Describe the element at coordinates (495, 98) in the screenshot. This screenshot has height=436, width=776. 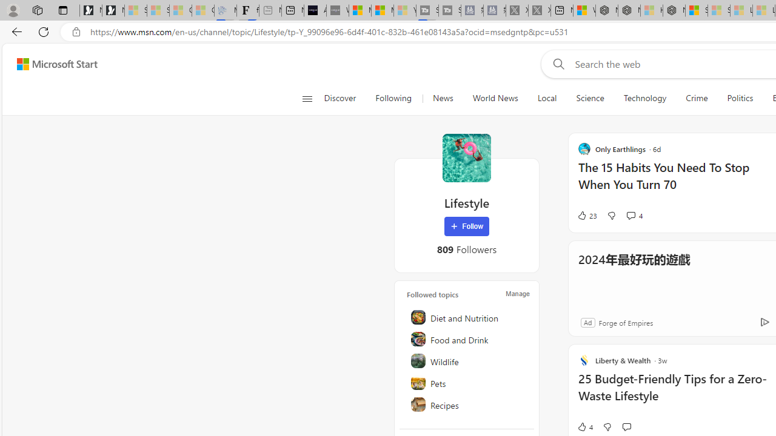
I see `'World News'` at that location.